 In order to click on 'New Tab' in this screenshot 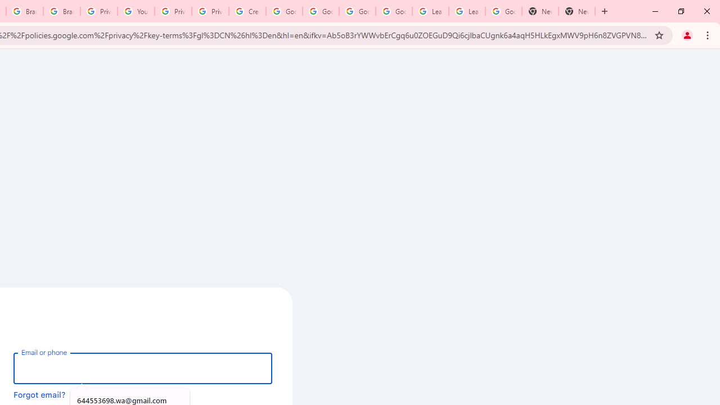, I will do `click(540, 11)`.